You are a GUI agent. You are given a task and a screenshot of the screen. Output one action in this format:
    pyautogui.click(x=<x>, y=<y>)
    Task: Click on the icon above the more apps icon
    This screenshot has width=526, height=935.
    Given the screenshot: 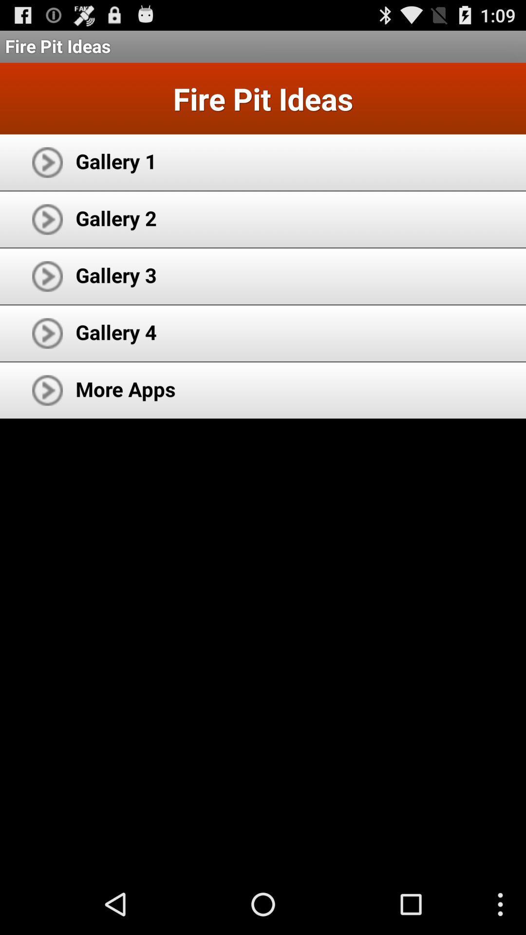 What is the action you would take?
    pyautogui.click(x=115, y=332)
    